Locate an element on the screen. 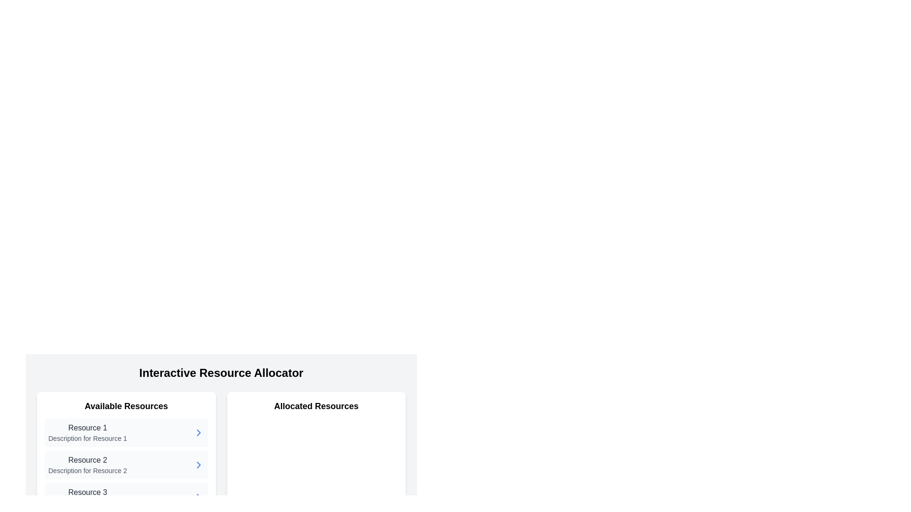  the text label reading 'Resource 3' in gray color, located at the bottom of the list under 'Available Resources' is located at coordinates (87, 492).